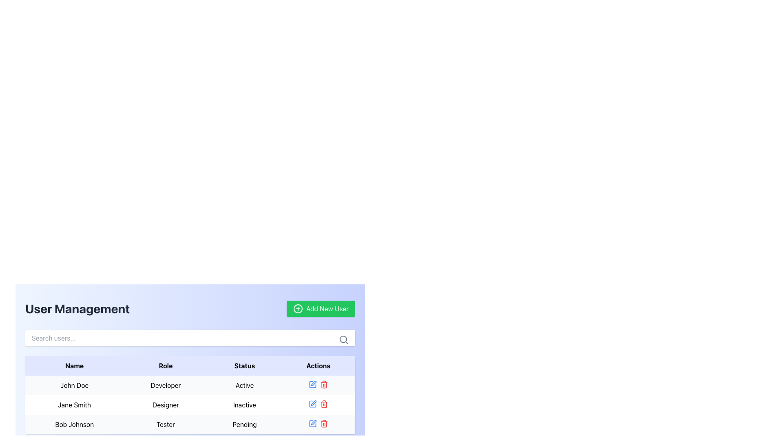 This screenshot has width=783, height=440. I want to click on the 'Actions' text label in the table header, which is the fourth column header used for editing or deleting table entries, so click(318, 365).